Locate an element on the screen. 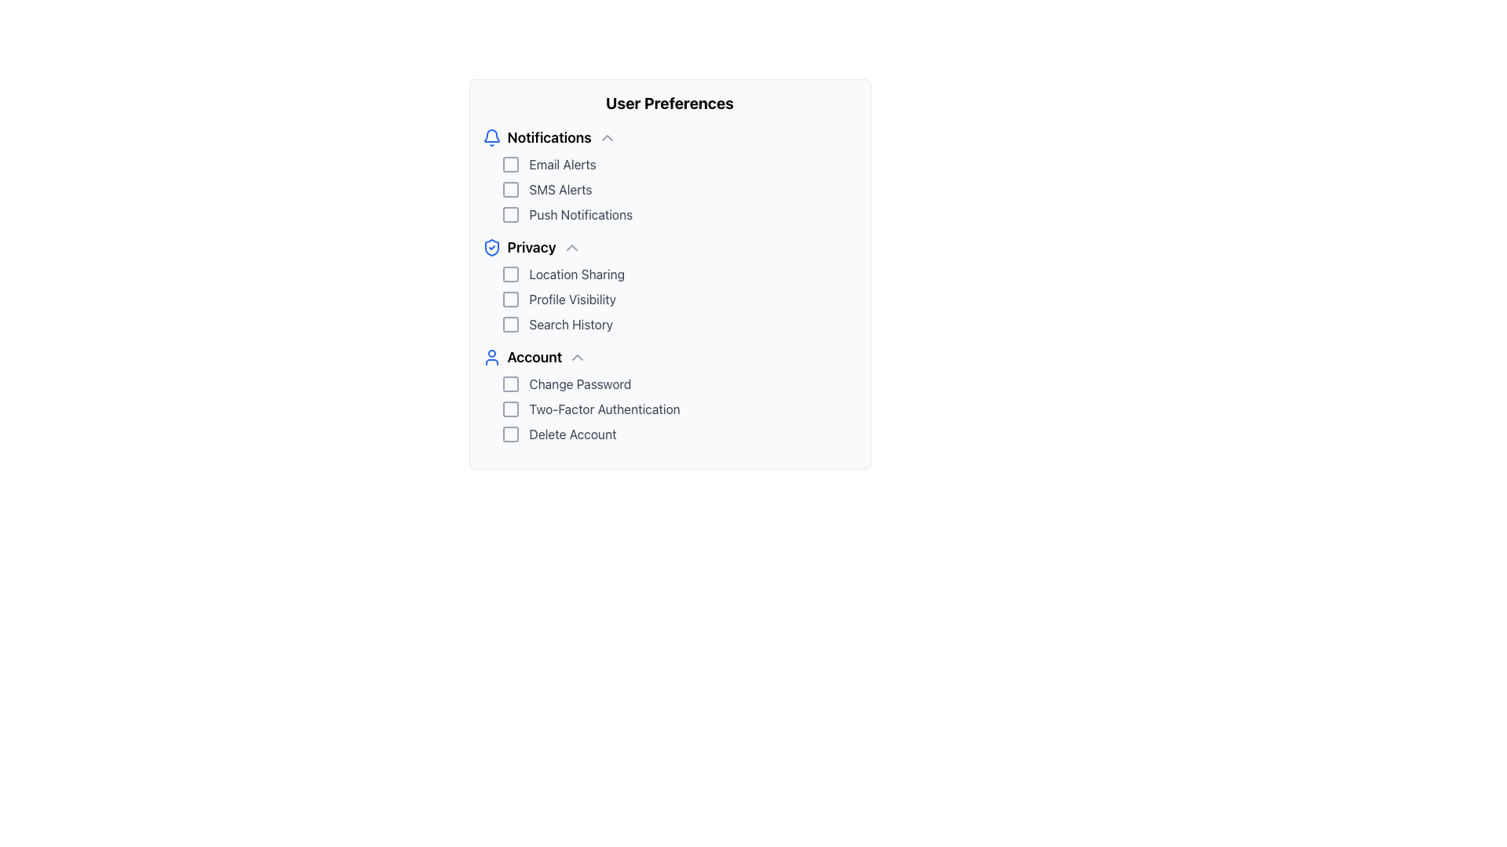  the checkbox located in the 'Privacy' section of the 'User Preferences' interface is located at coordinates (510, 323).